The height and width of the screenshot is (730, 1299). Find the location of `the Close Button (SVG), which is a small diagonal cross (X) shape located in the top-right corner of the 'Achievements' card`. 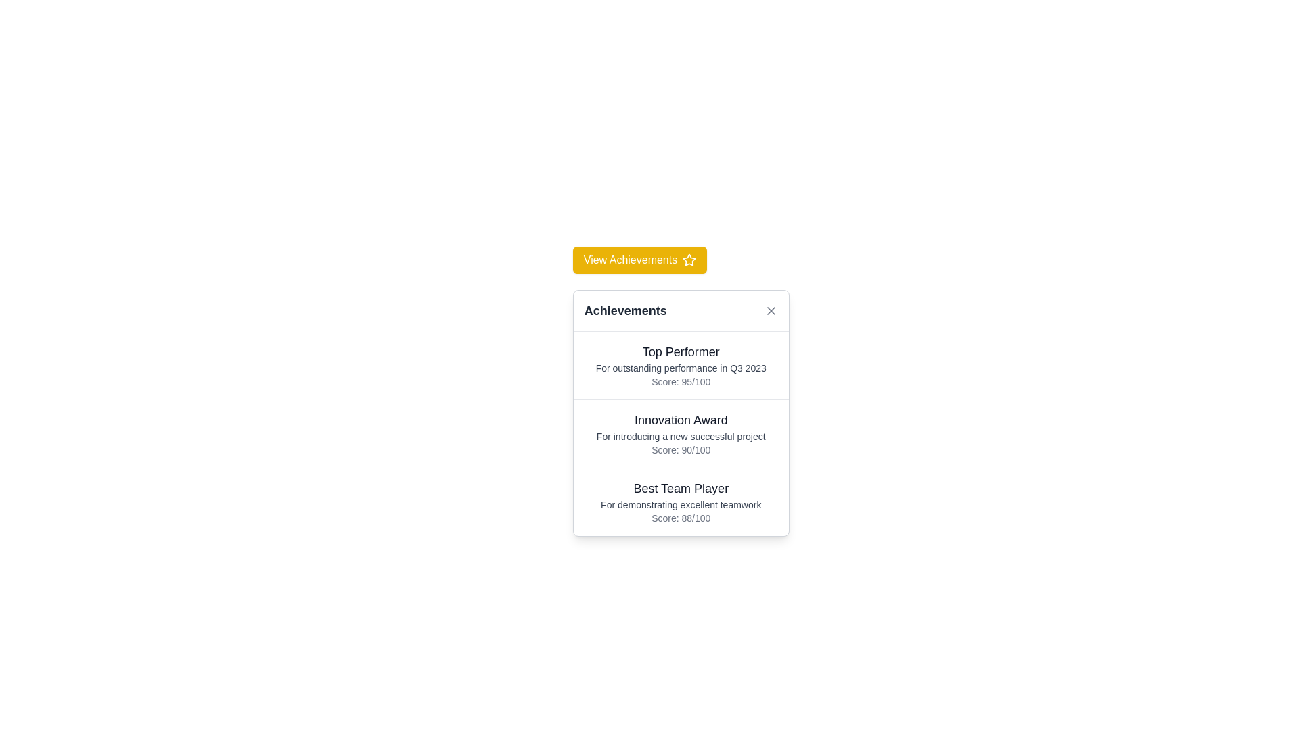

the Close Button (SVG), which is a small diagonal cross (X) shape located in the top-right corner of the 'Achievements' card is located at coordinates (771, 310).